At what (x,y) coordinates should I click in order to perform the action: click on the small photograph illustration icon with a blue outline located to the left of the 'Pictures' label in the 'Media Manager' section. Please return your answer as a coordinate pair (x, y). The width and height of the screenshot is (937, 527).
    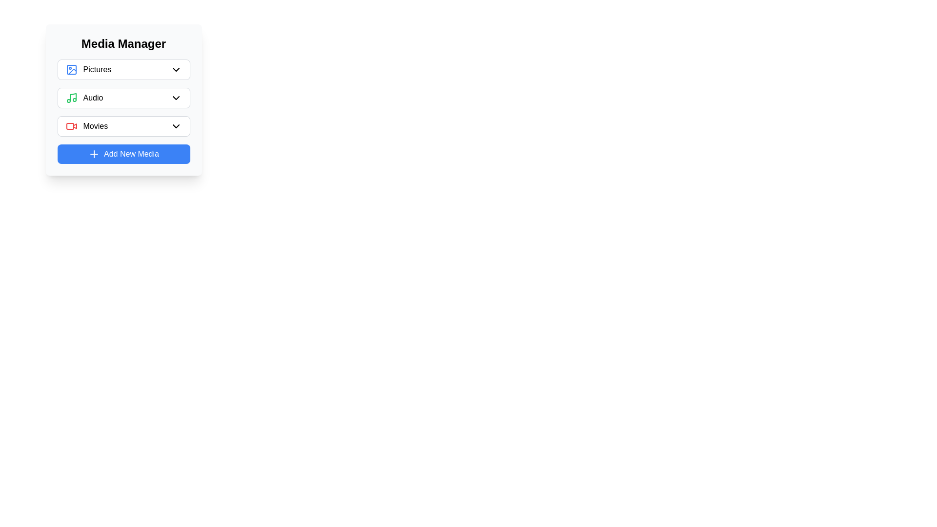
    Looking at the image, I should click on (71, 69).